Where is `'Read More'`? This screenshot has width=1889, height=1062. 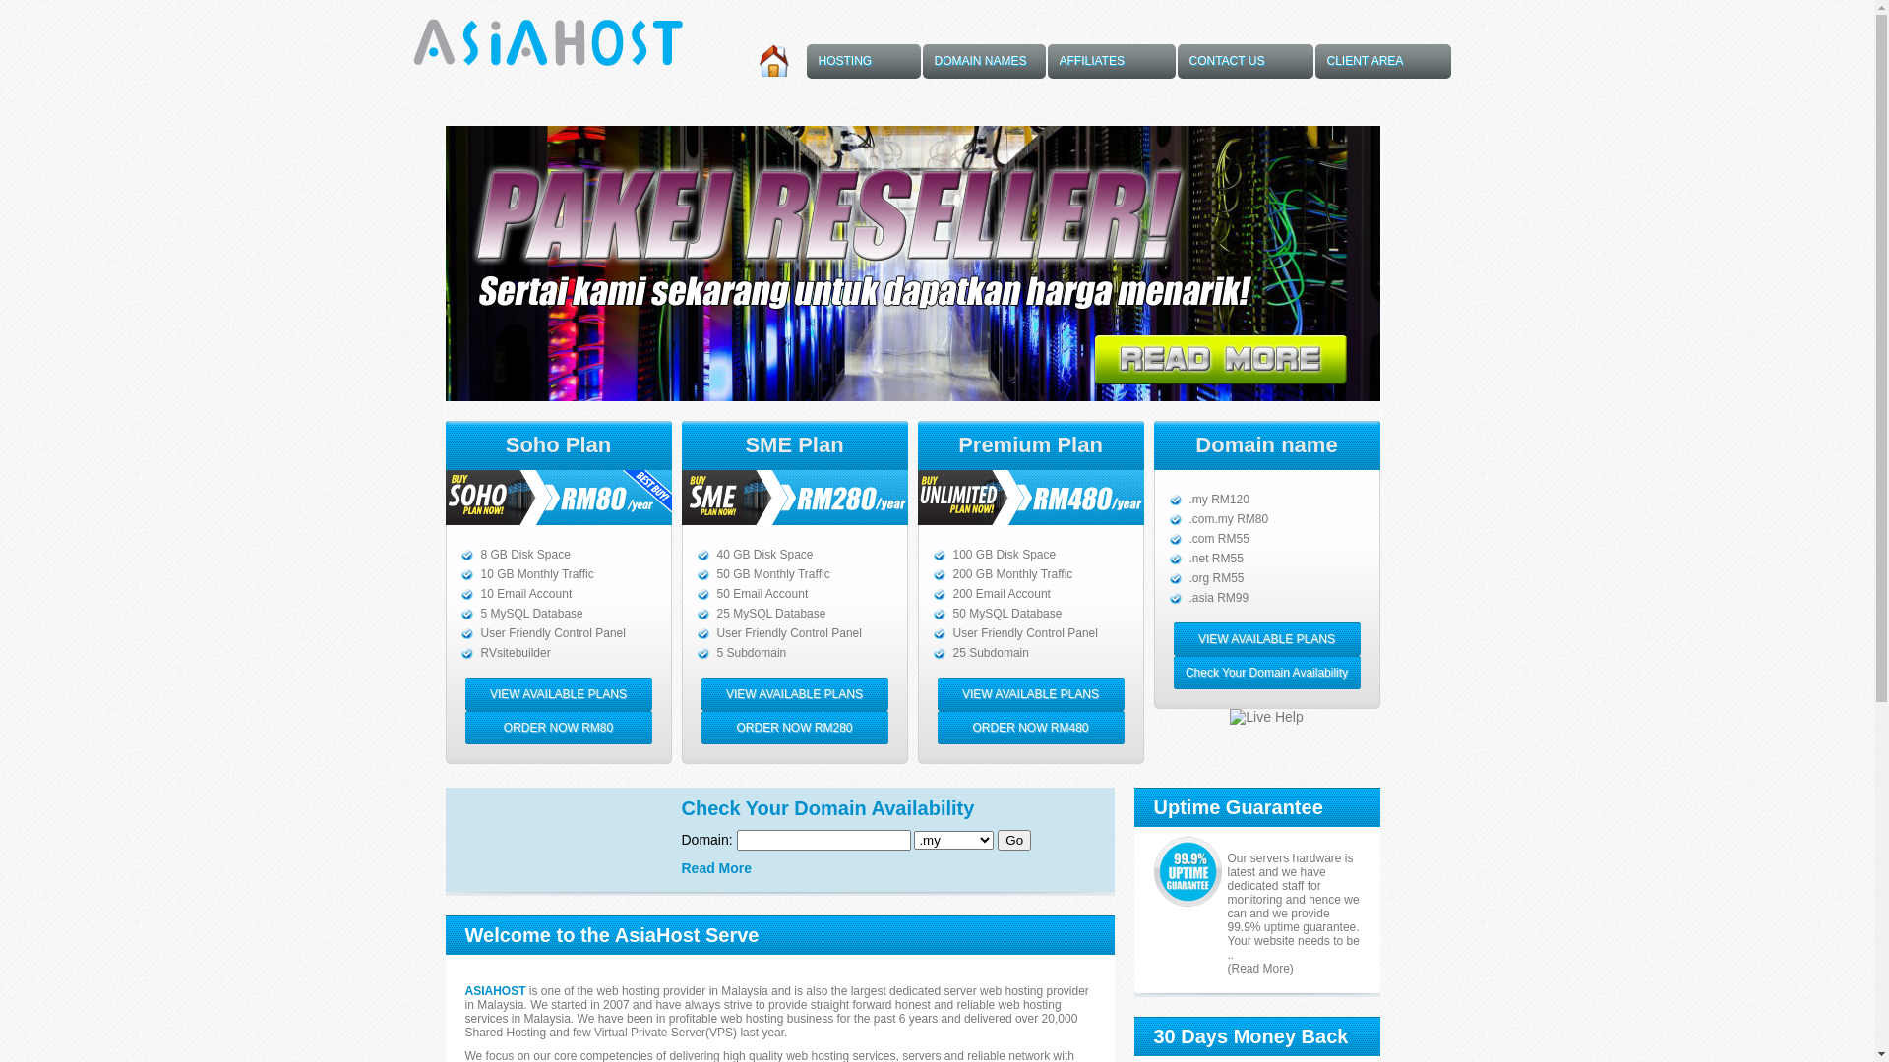 'Read More' is located at coordinates (715, 867).